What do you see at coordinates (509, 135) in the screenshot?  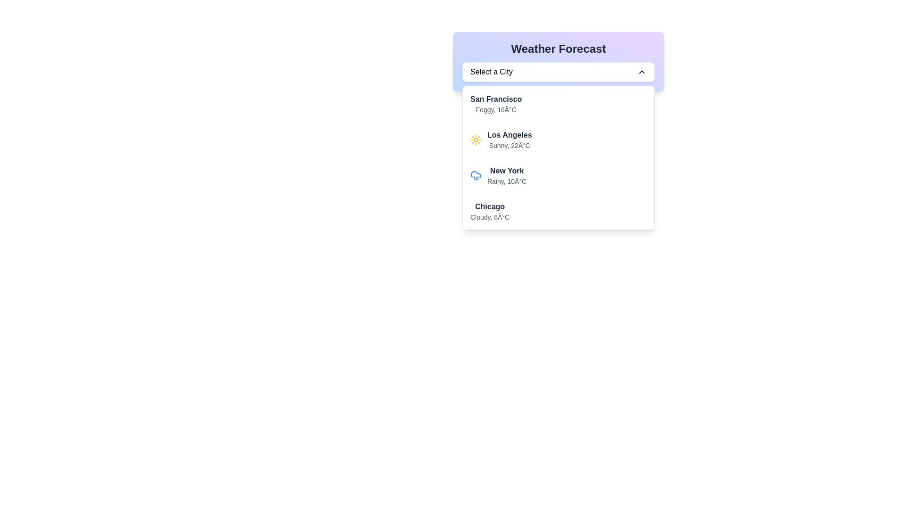 I see `the text label displaying 'Los Angeles' in bold font and dark gray color, positioned at the top part of the second entry in the weather forecast dropdown list` at bounding box center [509, 135].